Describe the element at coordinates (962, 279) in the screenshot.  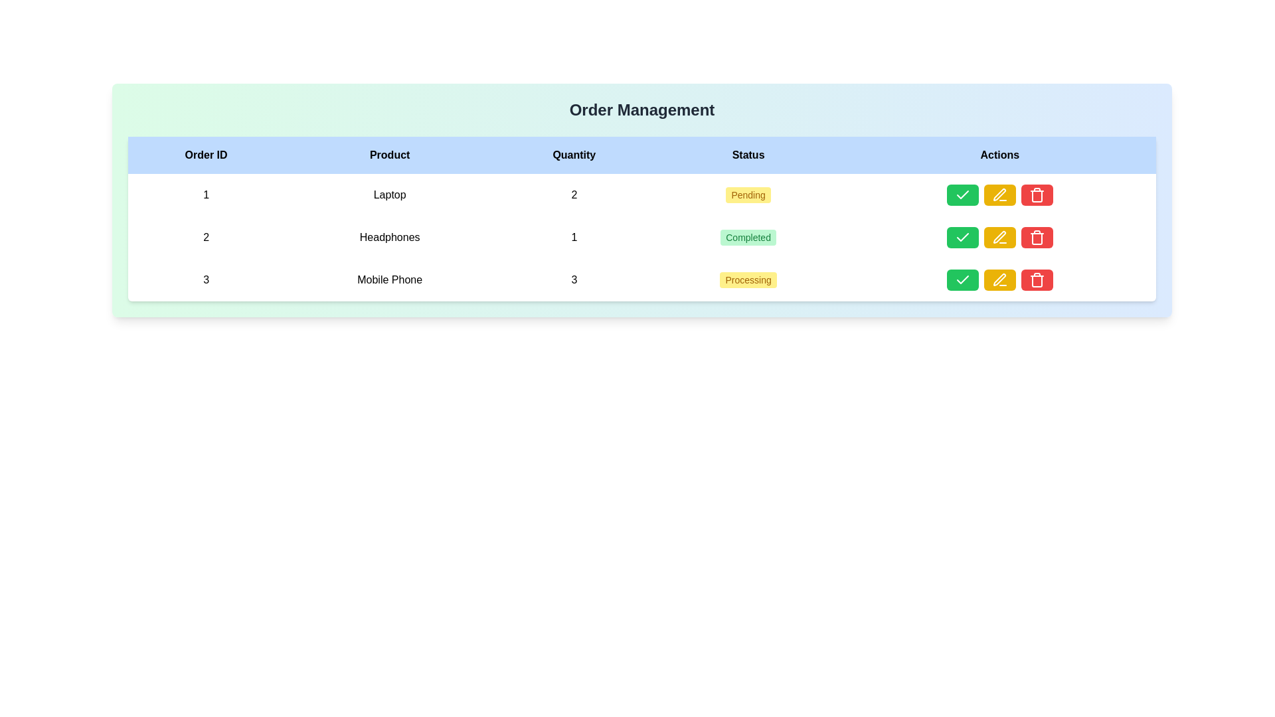
I see `the green check mark button located in the 'Actions' column of the third row in the tabular interface` at that location.